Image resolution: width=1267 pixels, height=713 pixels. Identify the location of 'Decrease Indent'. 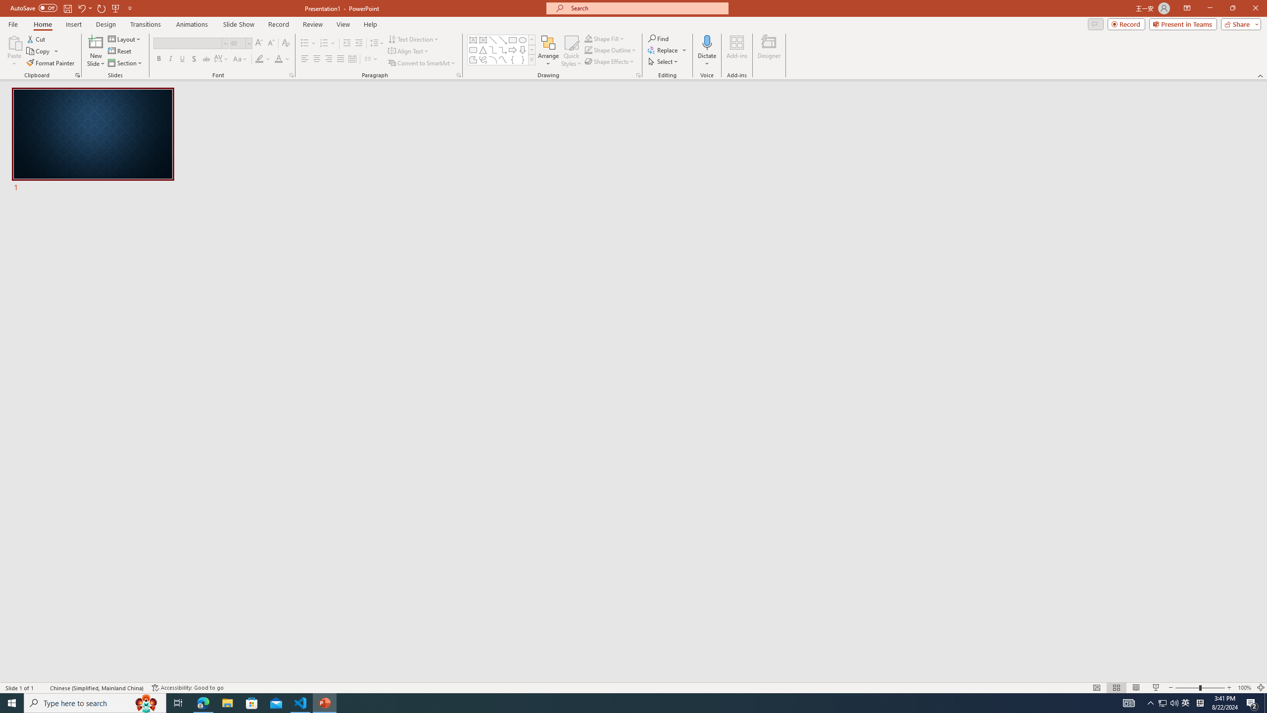
(347, 43).